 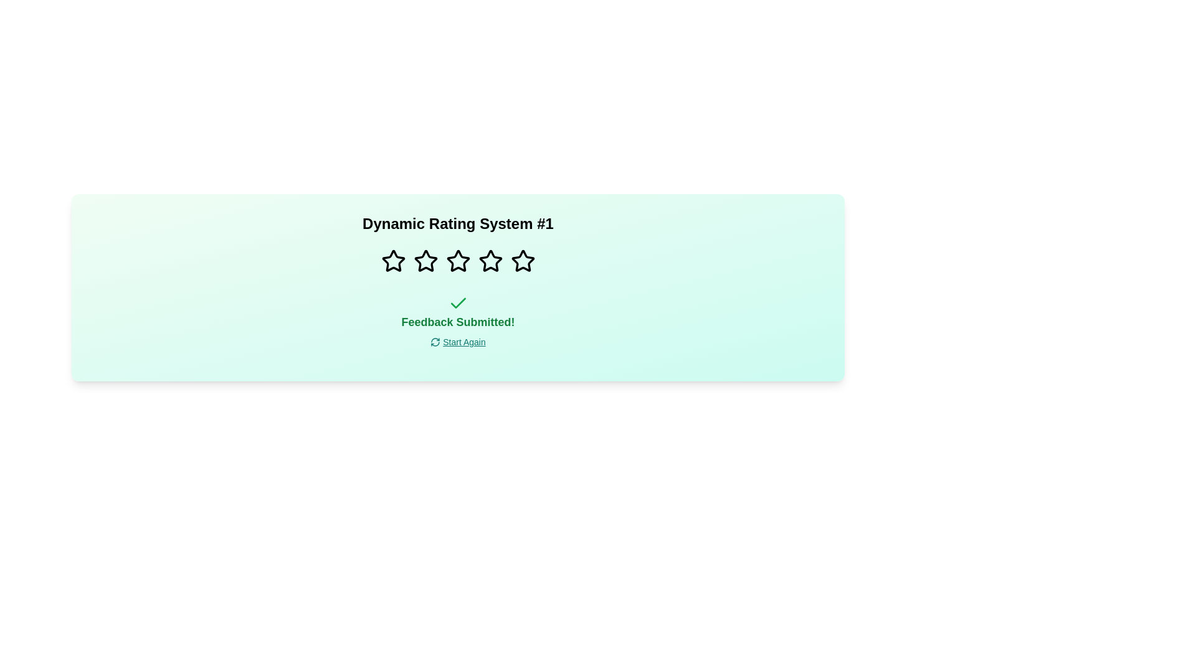 I want to click on the second star-shaped icon from the left in the horizontal row, so click(x=425, y=260).